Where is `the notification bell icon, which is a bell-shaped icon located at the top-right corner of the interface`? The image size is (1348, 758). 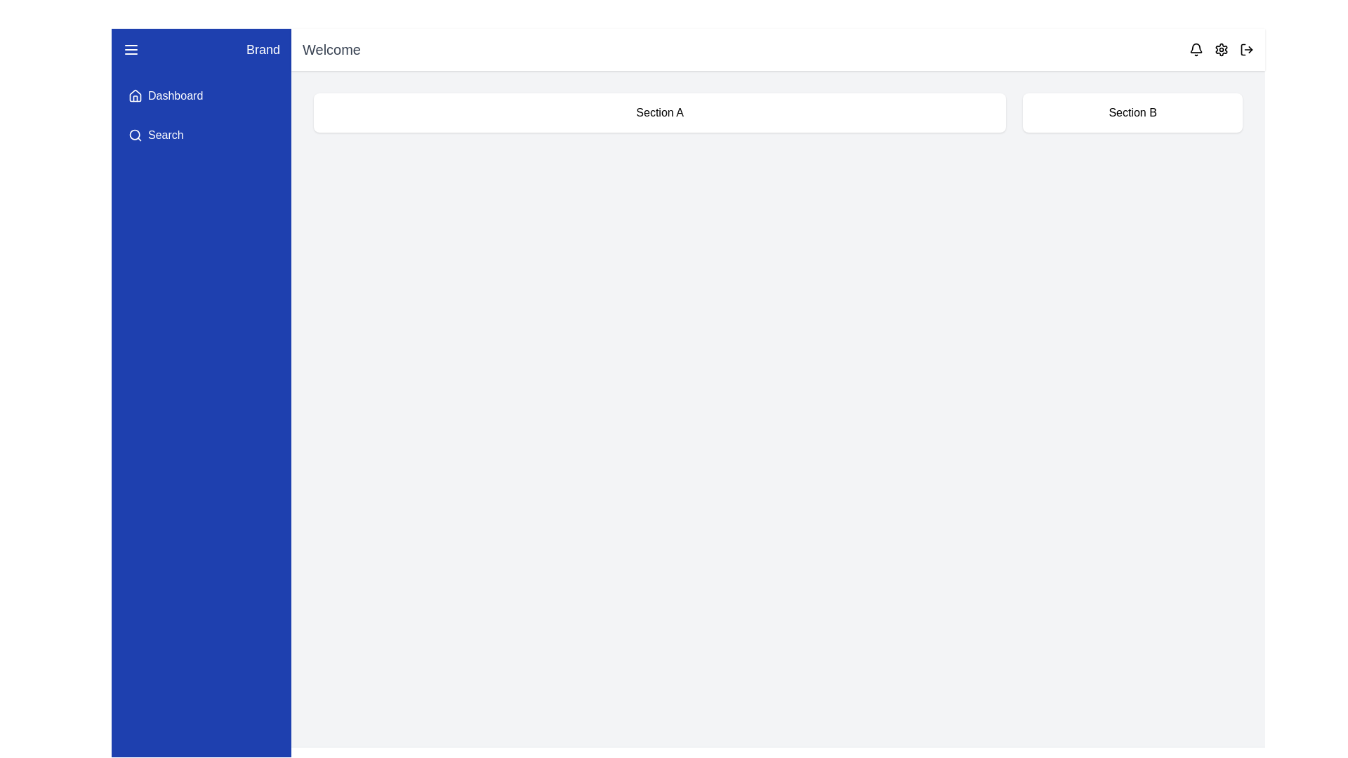 the notification bell icon, which is a bell-shaped icon located at the top-right corner of the interface is located at coordinates (1196, 48).